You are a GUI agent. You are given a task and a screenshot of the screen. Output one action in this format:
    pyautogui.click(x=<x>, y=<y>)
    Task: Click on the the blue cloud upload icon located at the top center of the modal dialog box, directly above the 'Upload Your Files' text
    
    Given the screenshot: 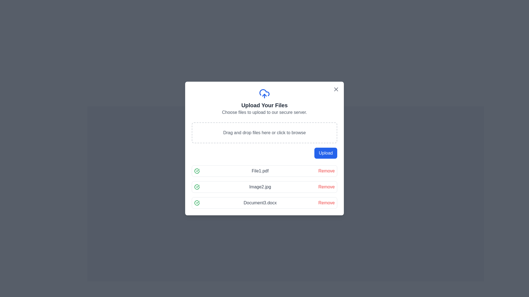 What is the action you would take?
    pyautogui.click(x=264, y=93)
    